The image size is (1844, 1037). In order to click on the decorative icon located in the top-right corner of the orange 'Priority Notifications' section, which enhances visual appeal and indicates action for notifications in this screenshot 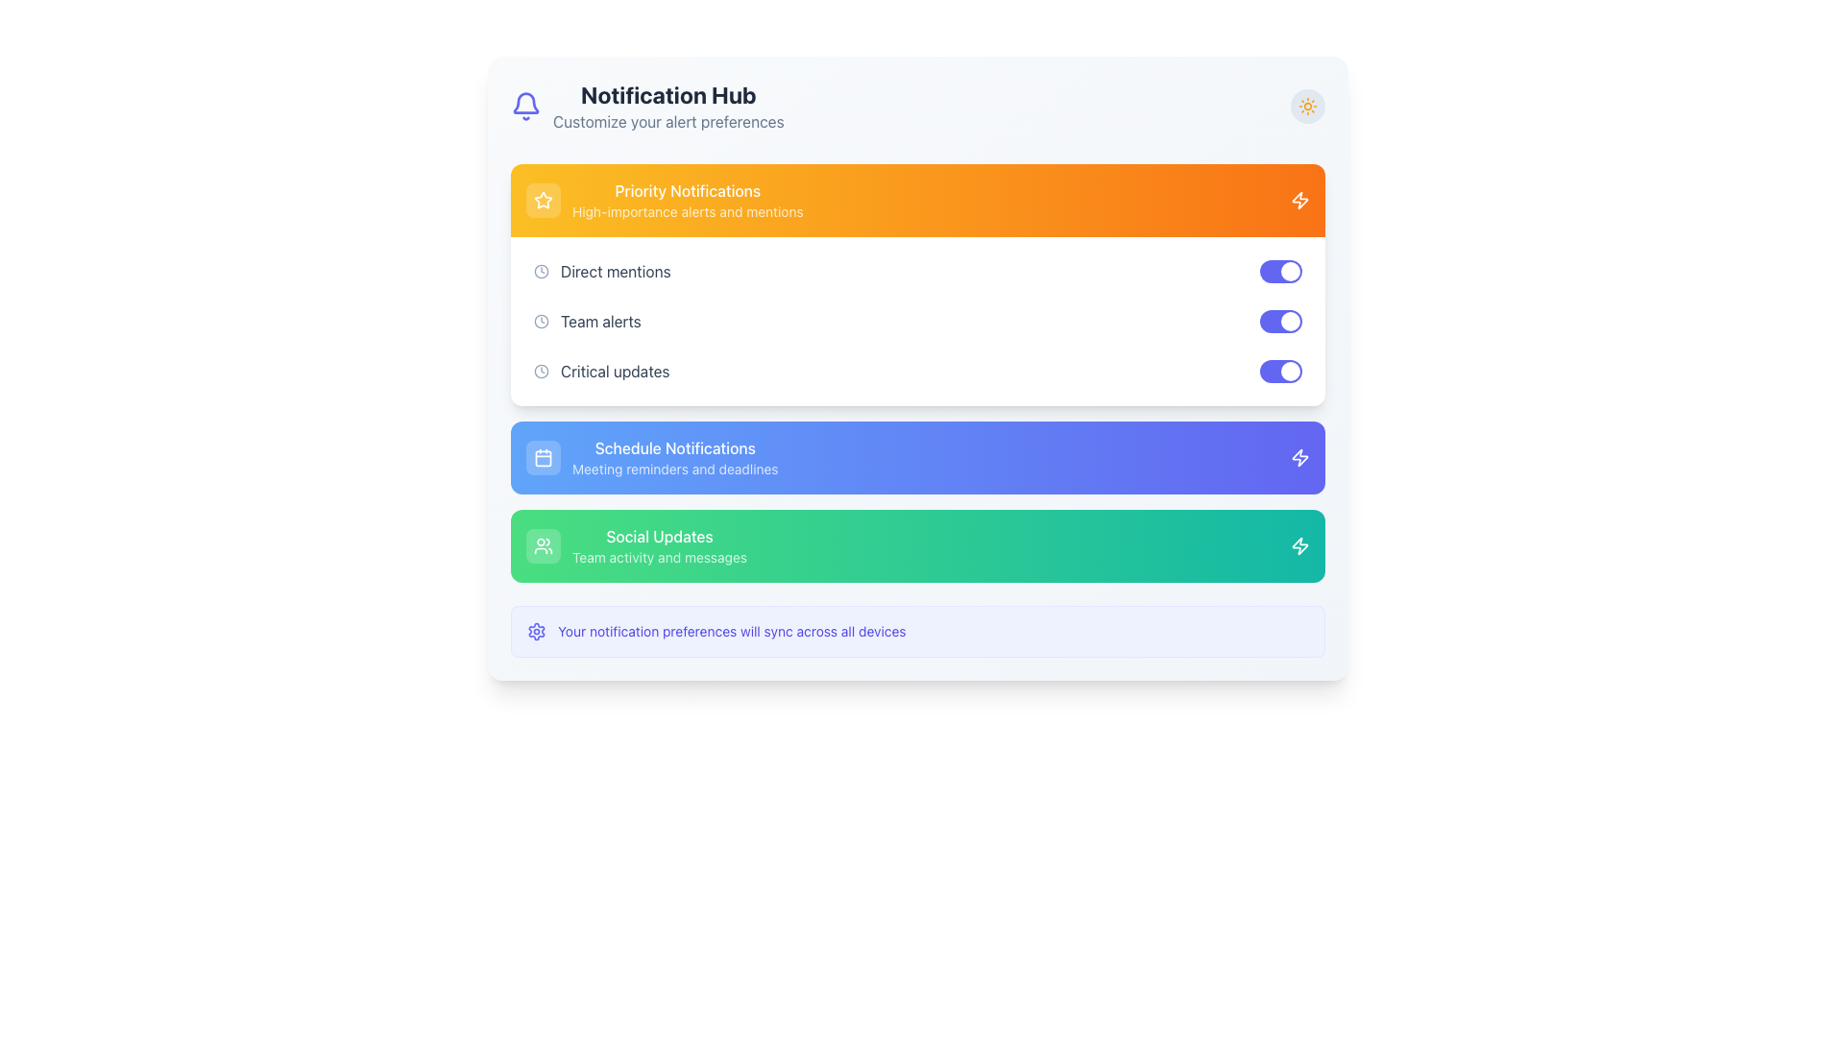, I will do `click(1299, 200)`.